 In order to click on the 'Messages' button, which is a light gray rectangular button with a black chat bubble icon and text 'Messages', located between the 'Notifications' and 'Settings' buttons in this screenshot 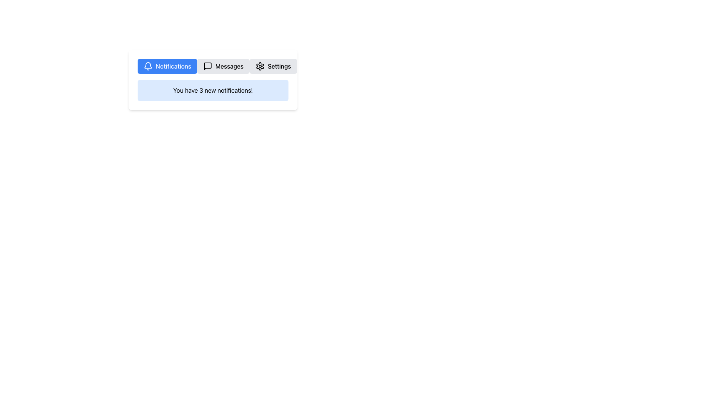, I will do `click(223, 66)`.